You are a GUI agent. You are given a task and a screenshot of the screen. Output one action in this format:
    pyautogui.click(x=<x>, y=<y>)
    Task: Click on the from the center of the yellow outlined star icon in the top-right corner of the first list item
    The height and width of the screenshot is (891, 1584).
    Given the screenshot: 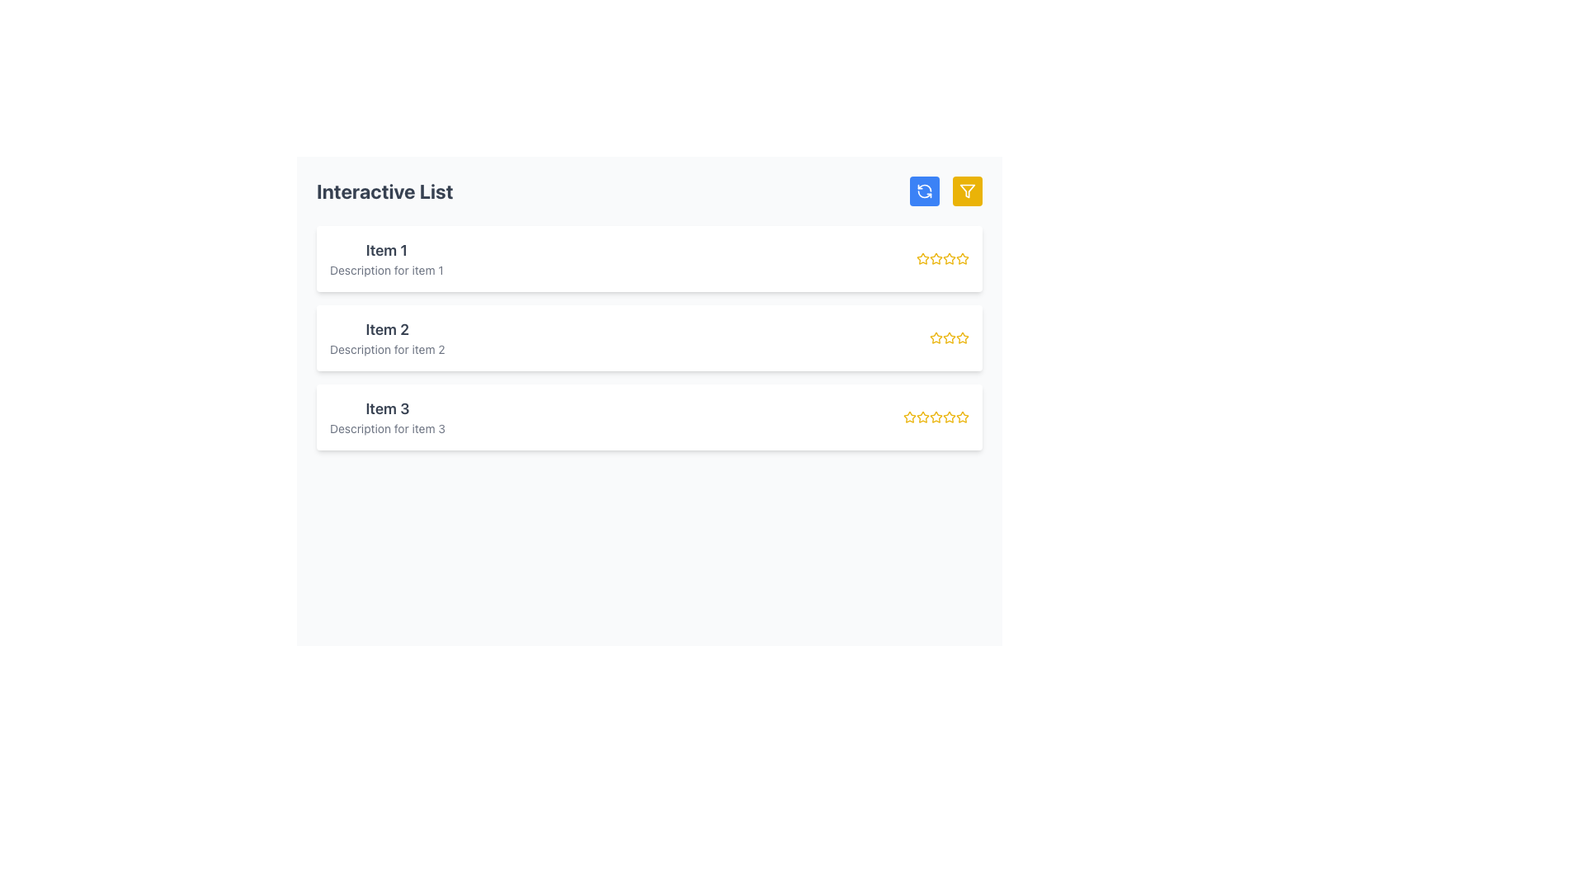 What is the action you would take?
    pyautogui.click(x=962, y=258)
    